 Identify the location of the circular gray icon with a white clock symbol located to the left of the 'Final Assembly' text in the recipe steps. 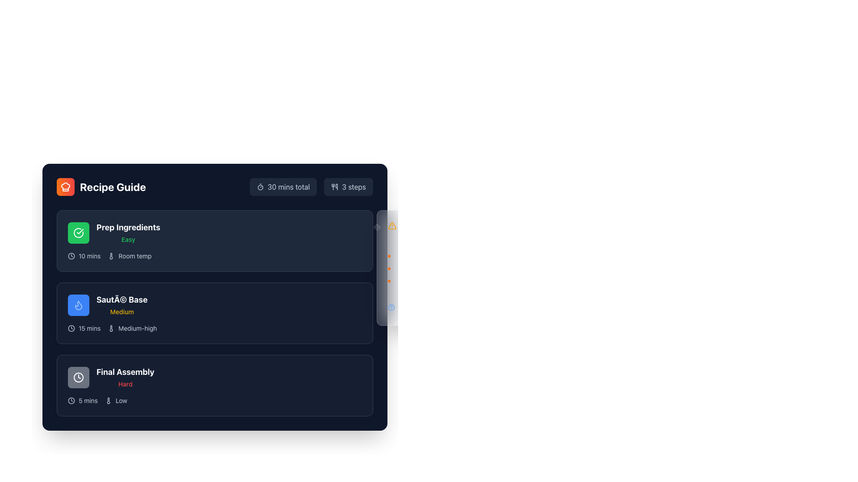
(79, 377).